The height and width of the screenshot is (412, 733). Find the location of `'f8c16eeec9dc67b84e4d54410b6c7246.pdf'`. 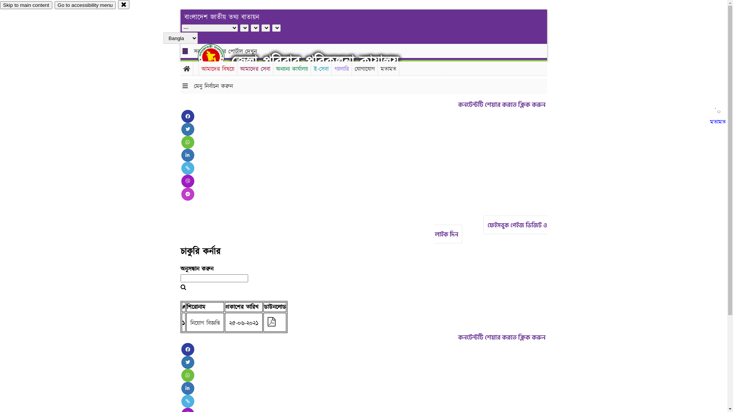

'f8c16eeec9dc67b84e4d54410b6c7246.pdf' is located at coordinates (271, 323).